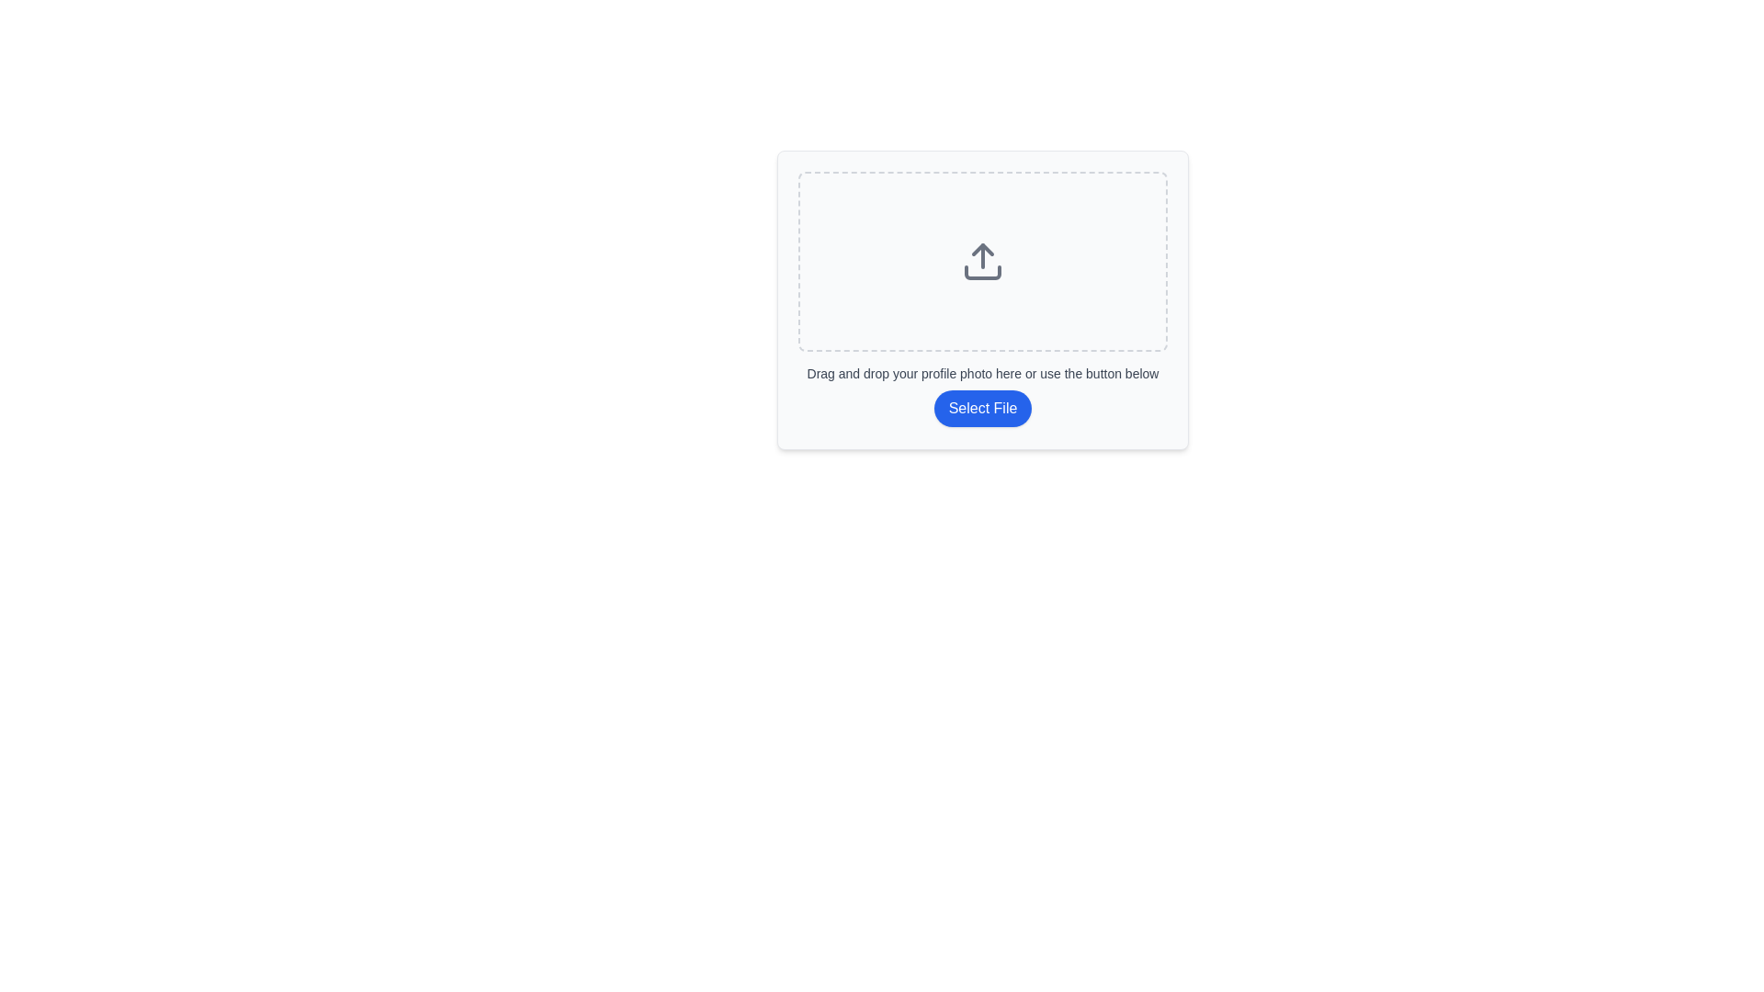  What do you see at coordinates (982, 273) in the screenshot?
I see `the bottom part of the upload icon, which visually represents the tray portion of the upload icon and is located at the center of the outlined box framing the upload section` at bounding box center [982, 273].